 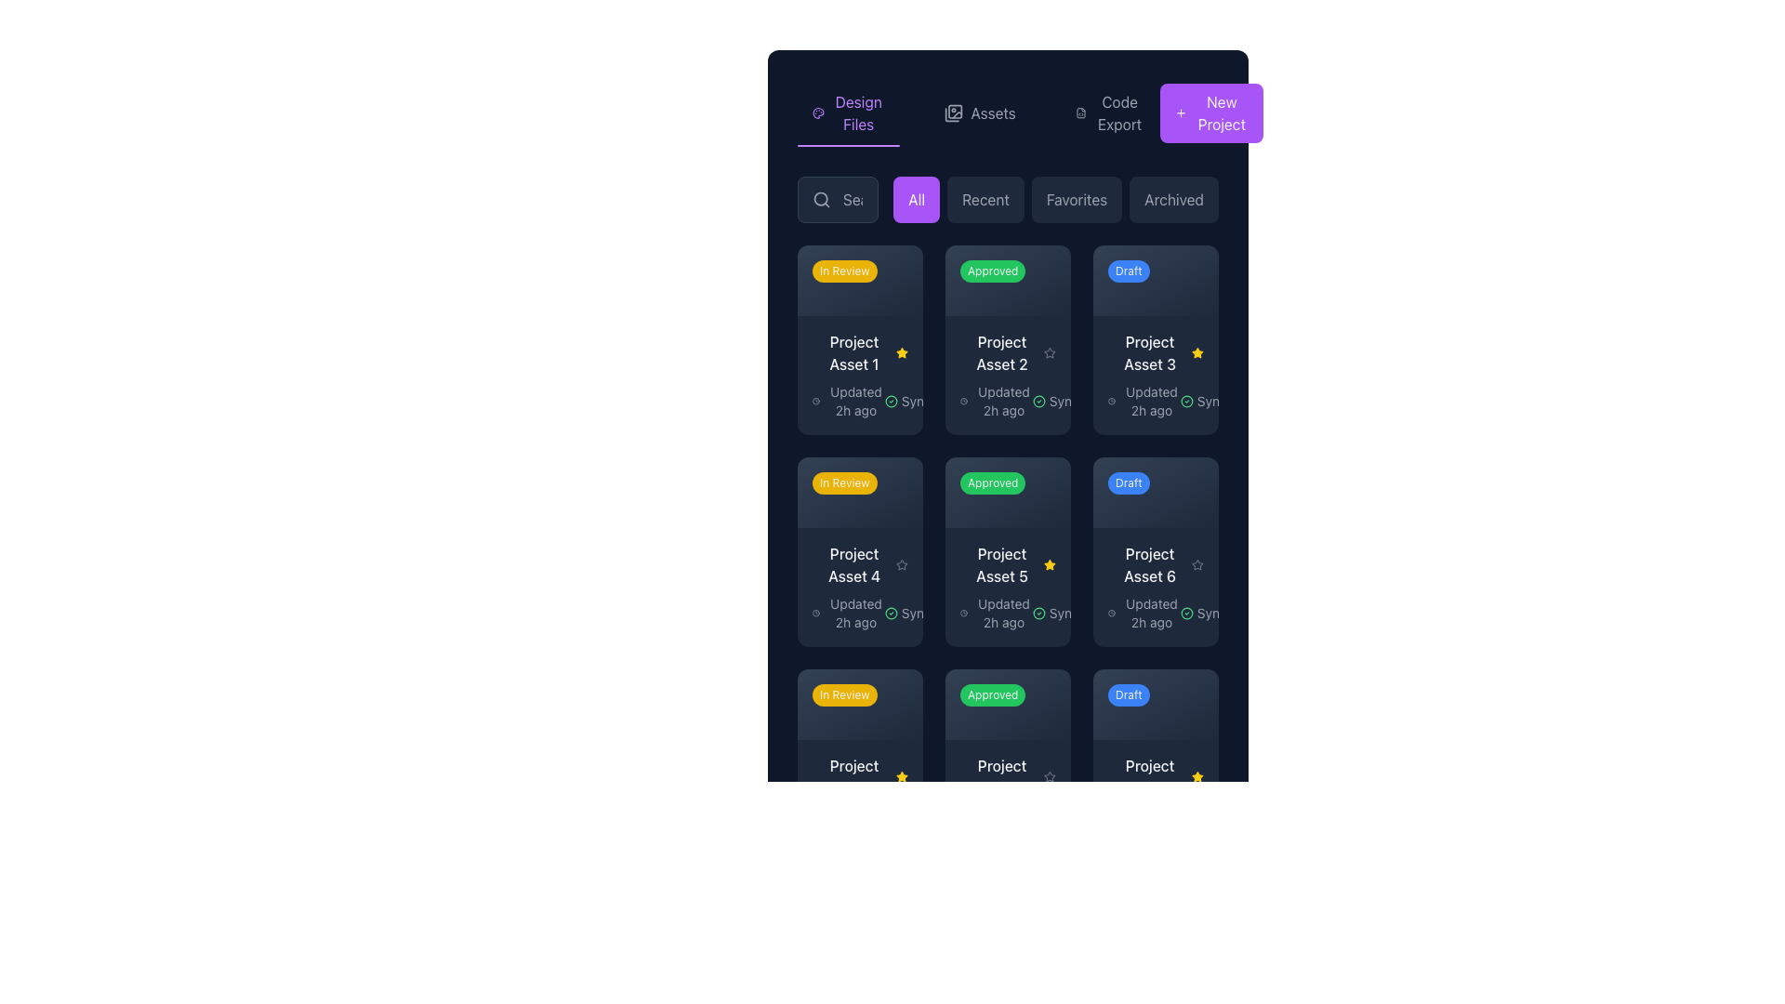 What do you see at coordinates (995, 400) in the screenshot?
I see `the timestamp information displayed as 'Updated 2h ago' in light gray text, located above the 'Synced' label within the card labeled 'Project Asset 2'` at bounding box center [995, 400].